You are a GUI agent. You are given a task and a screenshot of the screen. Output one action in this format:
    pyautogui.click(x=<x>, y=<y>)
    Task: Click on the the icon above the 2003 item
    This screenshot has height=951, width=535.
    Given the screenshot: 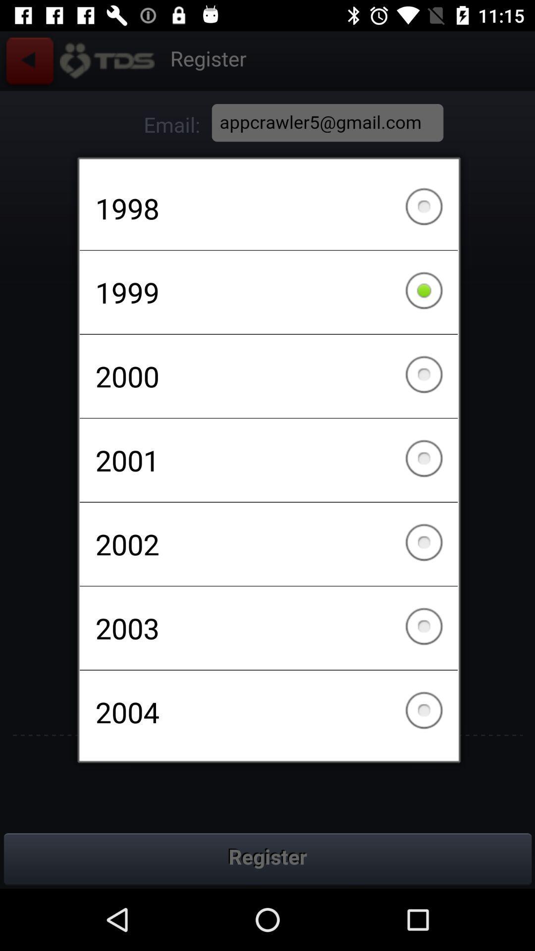 What is the action you would take?
    pyautogui.click(x=268, y=543)
    